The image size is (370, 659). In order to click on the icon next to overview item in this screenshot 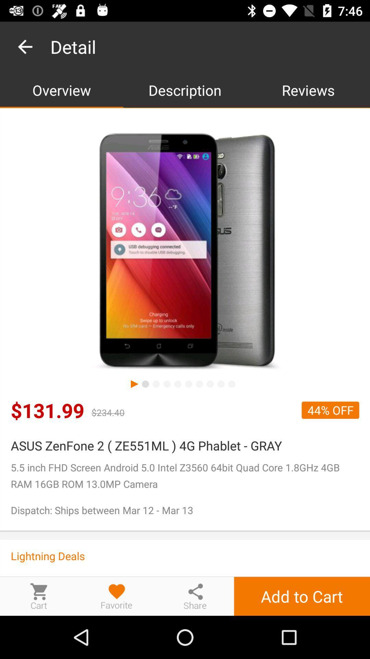, I will do `click(185, 90)`.